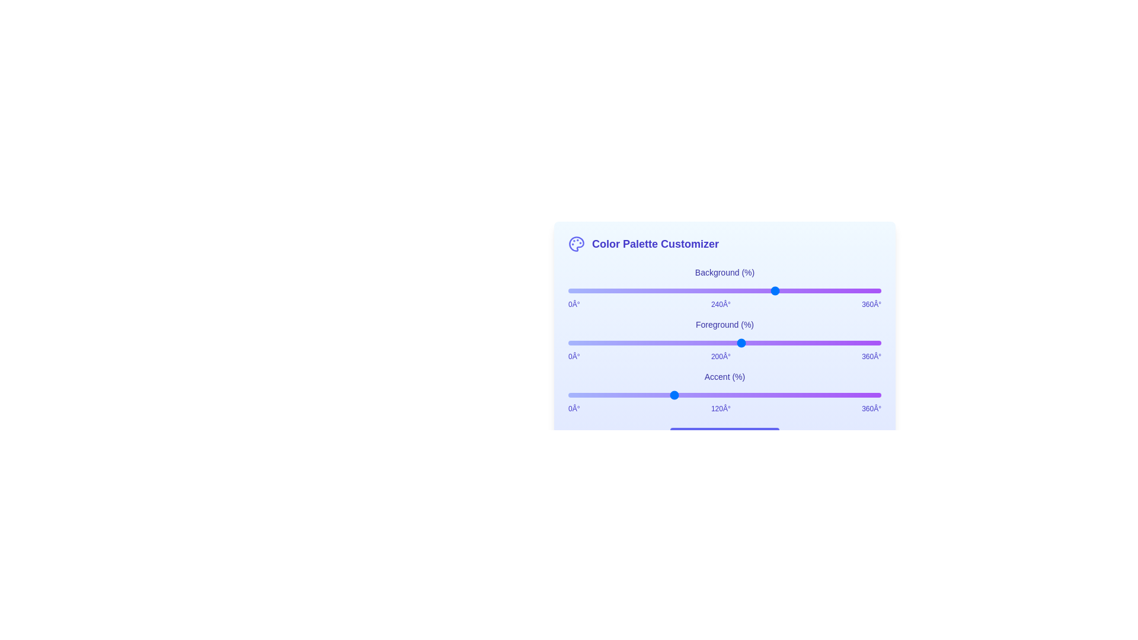  I want to click on the Accent slider to set its hue to 299 degrees, so click(827, 395).